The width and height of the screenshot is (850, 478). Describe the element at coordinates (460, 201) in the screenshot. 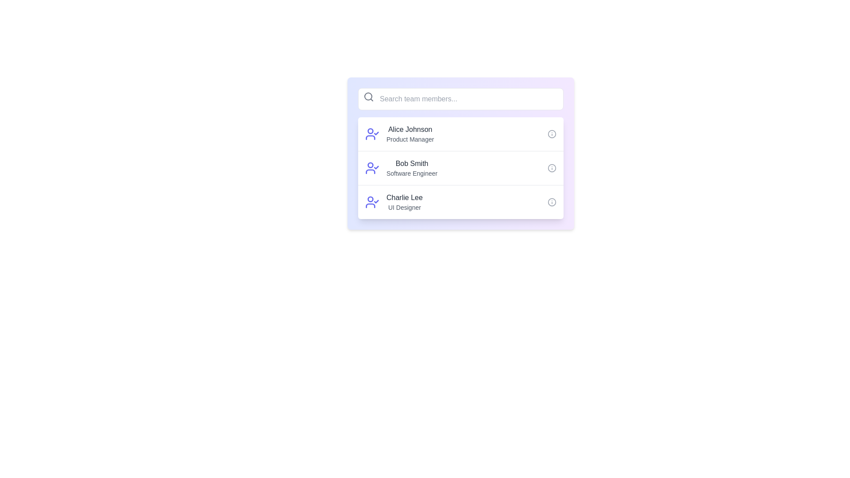

I see `the third card entry` at that location.